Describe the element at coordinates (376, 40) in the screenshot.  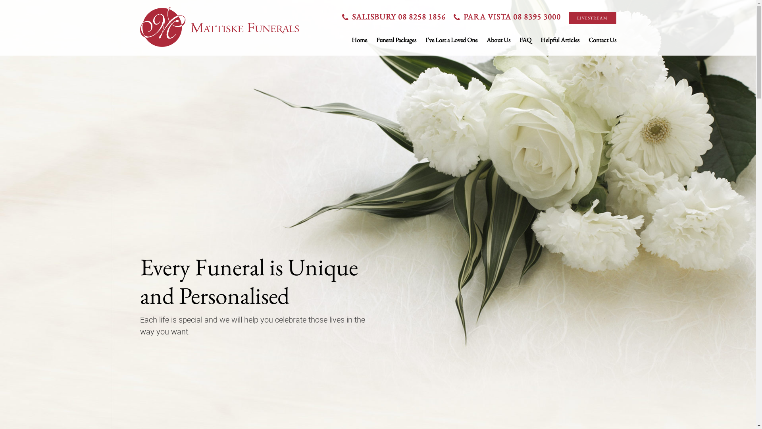
I see `'Funeral Packages'` at that location.